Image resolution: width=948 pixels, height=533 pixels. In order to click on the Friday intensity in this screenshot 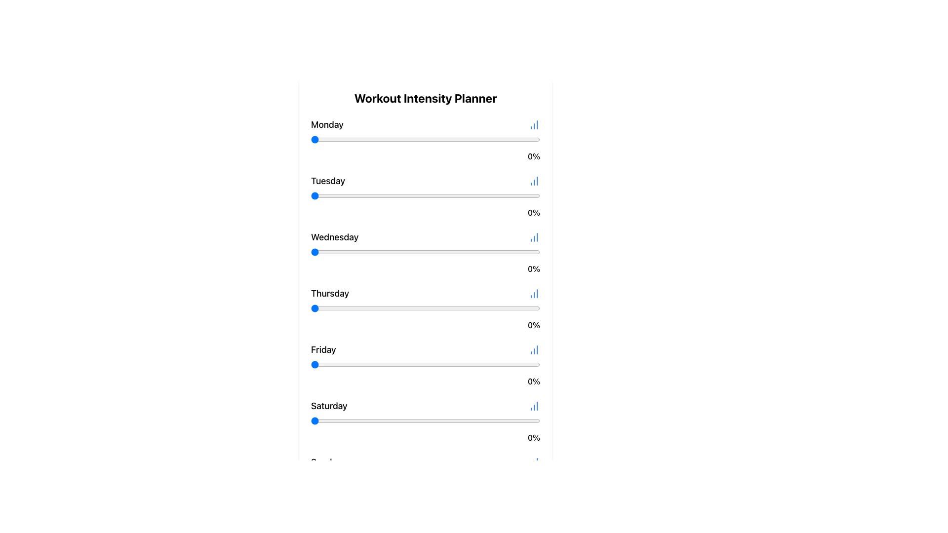, I will do `click(310, 365)`.